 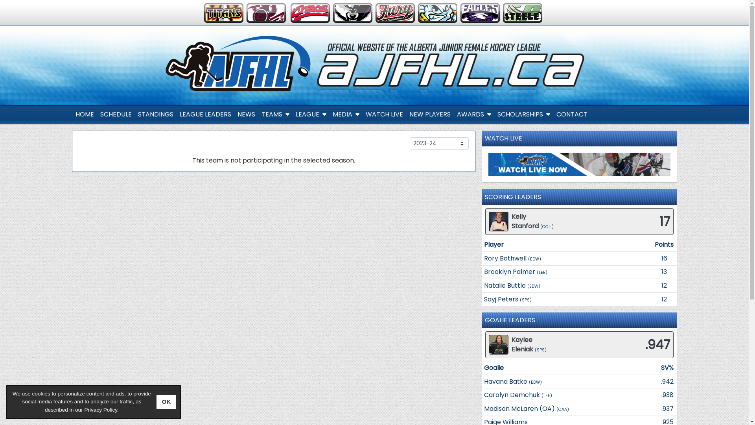 I want to click on 'SCHOLARSHIPS', so click(x=523, y=114).